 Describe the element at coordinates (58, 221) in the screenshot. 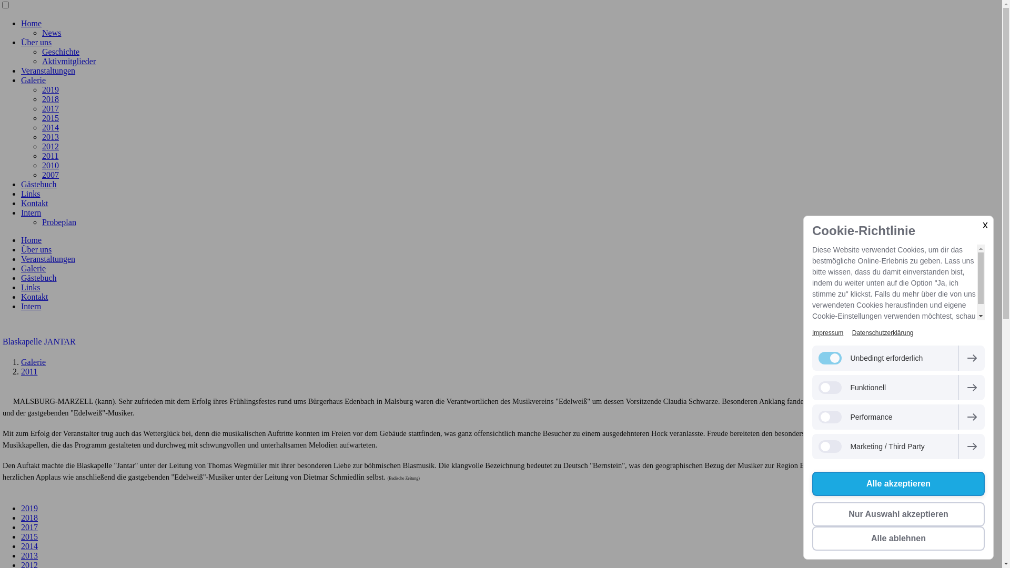

I see `'Probeplan'` at that location.